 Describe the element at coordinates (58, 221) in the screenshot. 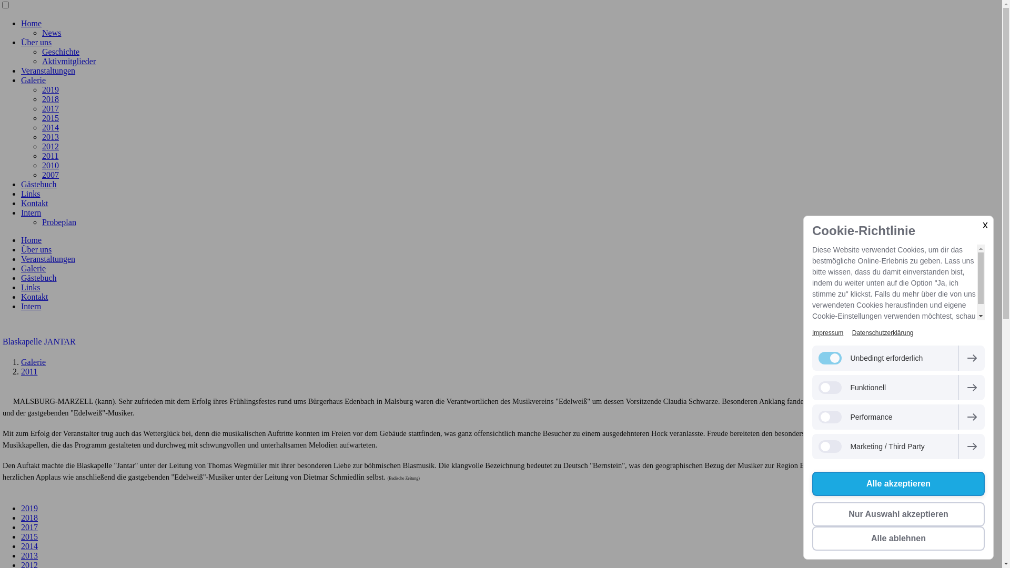

I see `'Probeplan'` at that location.